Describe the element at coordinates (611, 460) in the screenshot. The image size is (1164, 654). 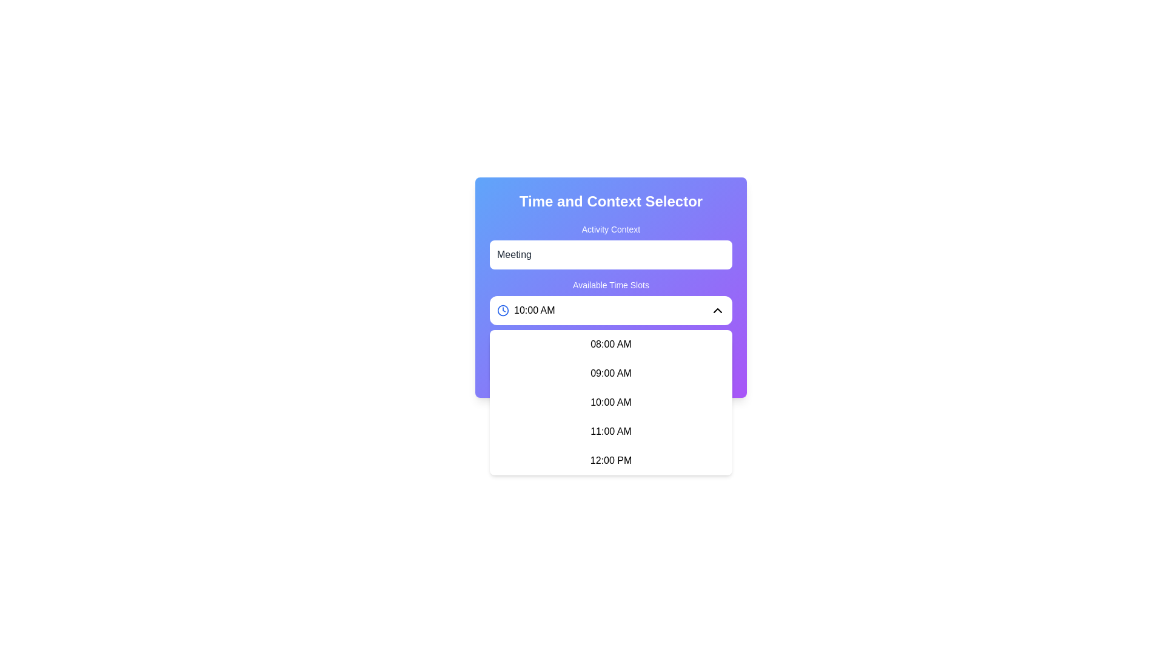
I see `the list item displaying '12:00 PM' in the dropdown menu` at that location.